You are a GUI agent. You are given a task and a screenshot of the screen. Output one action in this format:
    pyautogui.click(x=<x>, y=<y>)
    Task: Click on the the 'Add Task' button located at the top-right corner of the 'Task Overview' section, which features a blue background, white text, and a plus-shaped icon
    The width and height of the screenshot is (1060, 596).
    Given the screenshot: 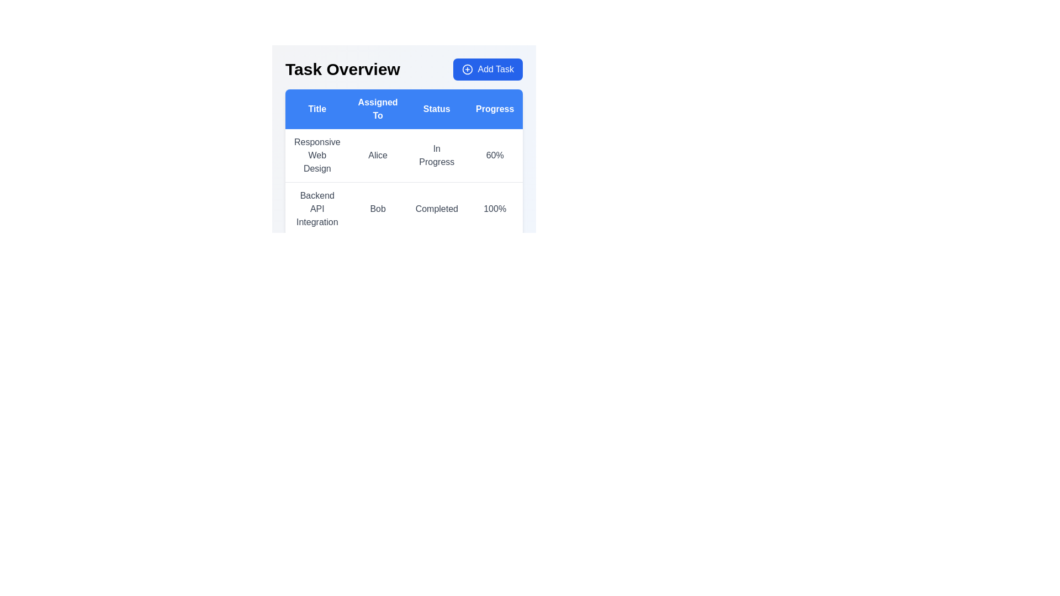 What is the action you would take?
    pyautogui.click(x=487, y=70)
    